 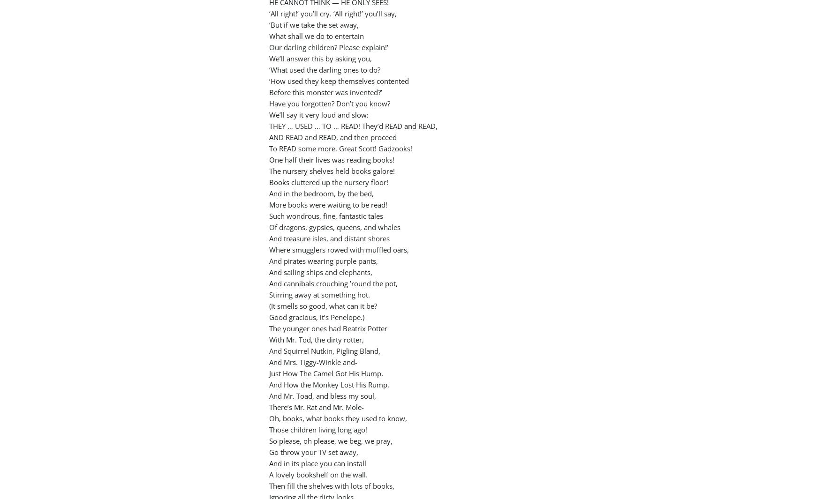 I want to click on 'What shall we do to entertain', so click(x=317, y=35).